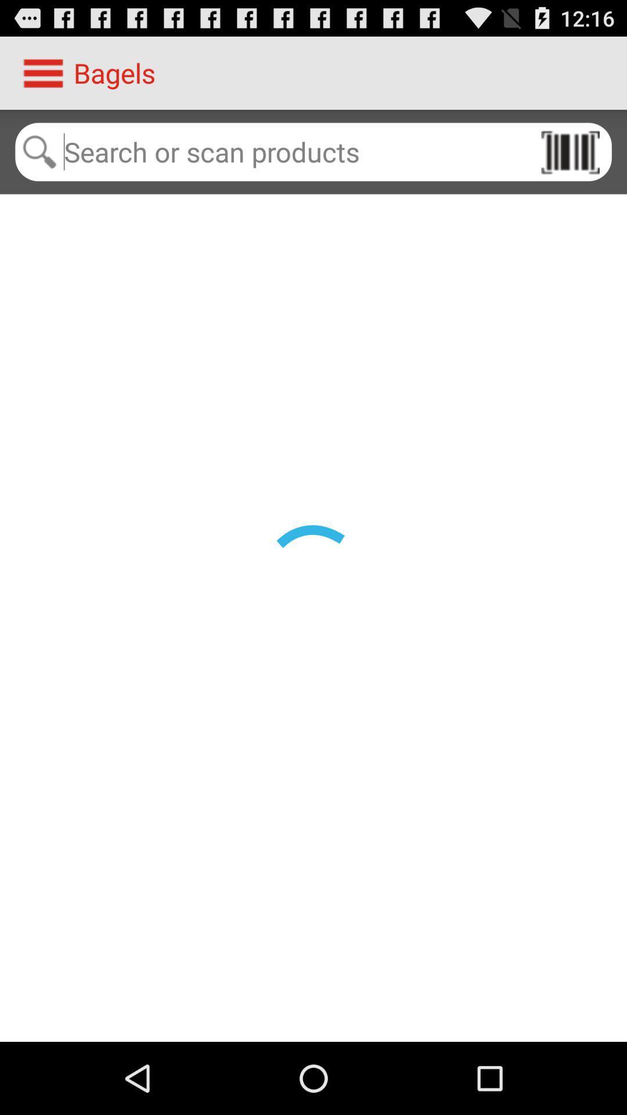  Describe the element at coordinates (570, 162) in the screenshot. I see `the pause icon` at that location.